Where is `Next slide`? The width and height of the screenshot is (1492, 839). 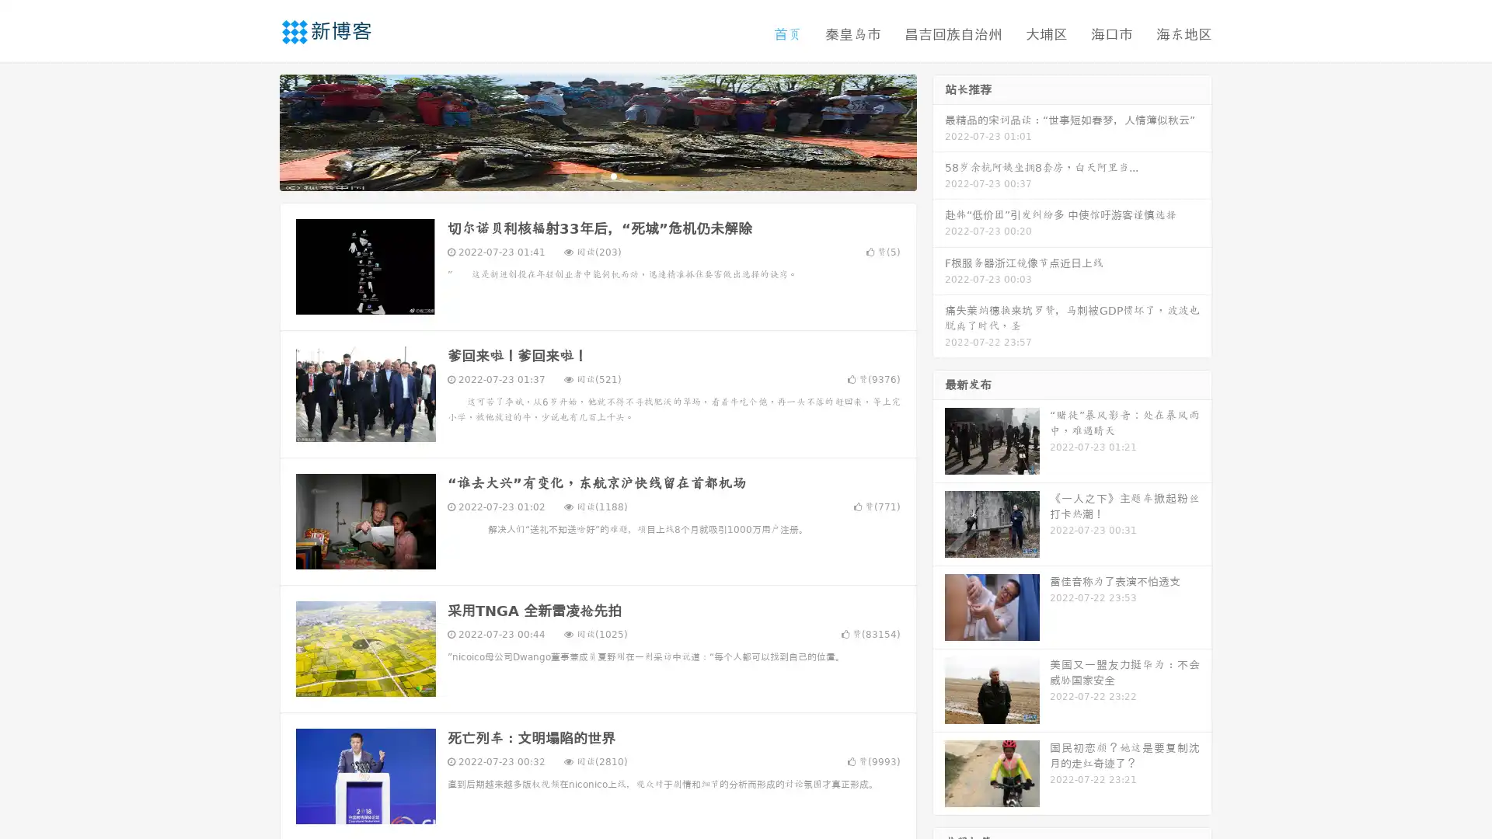 Next slide is located at coordinates (939, 131).